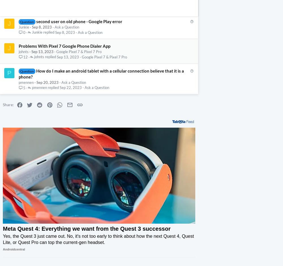 Image resolution: width=283 pixels, height=266 pixels. Describe the element at coordinates (25, 57) in the screenshot. I see `'12'` at that location.